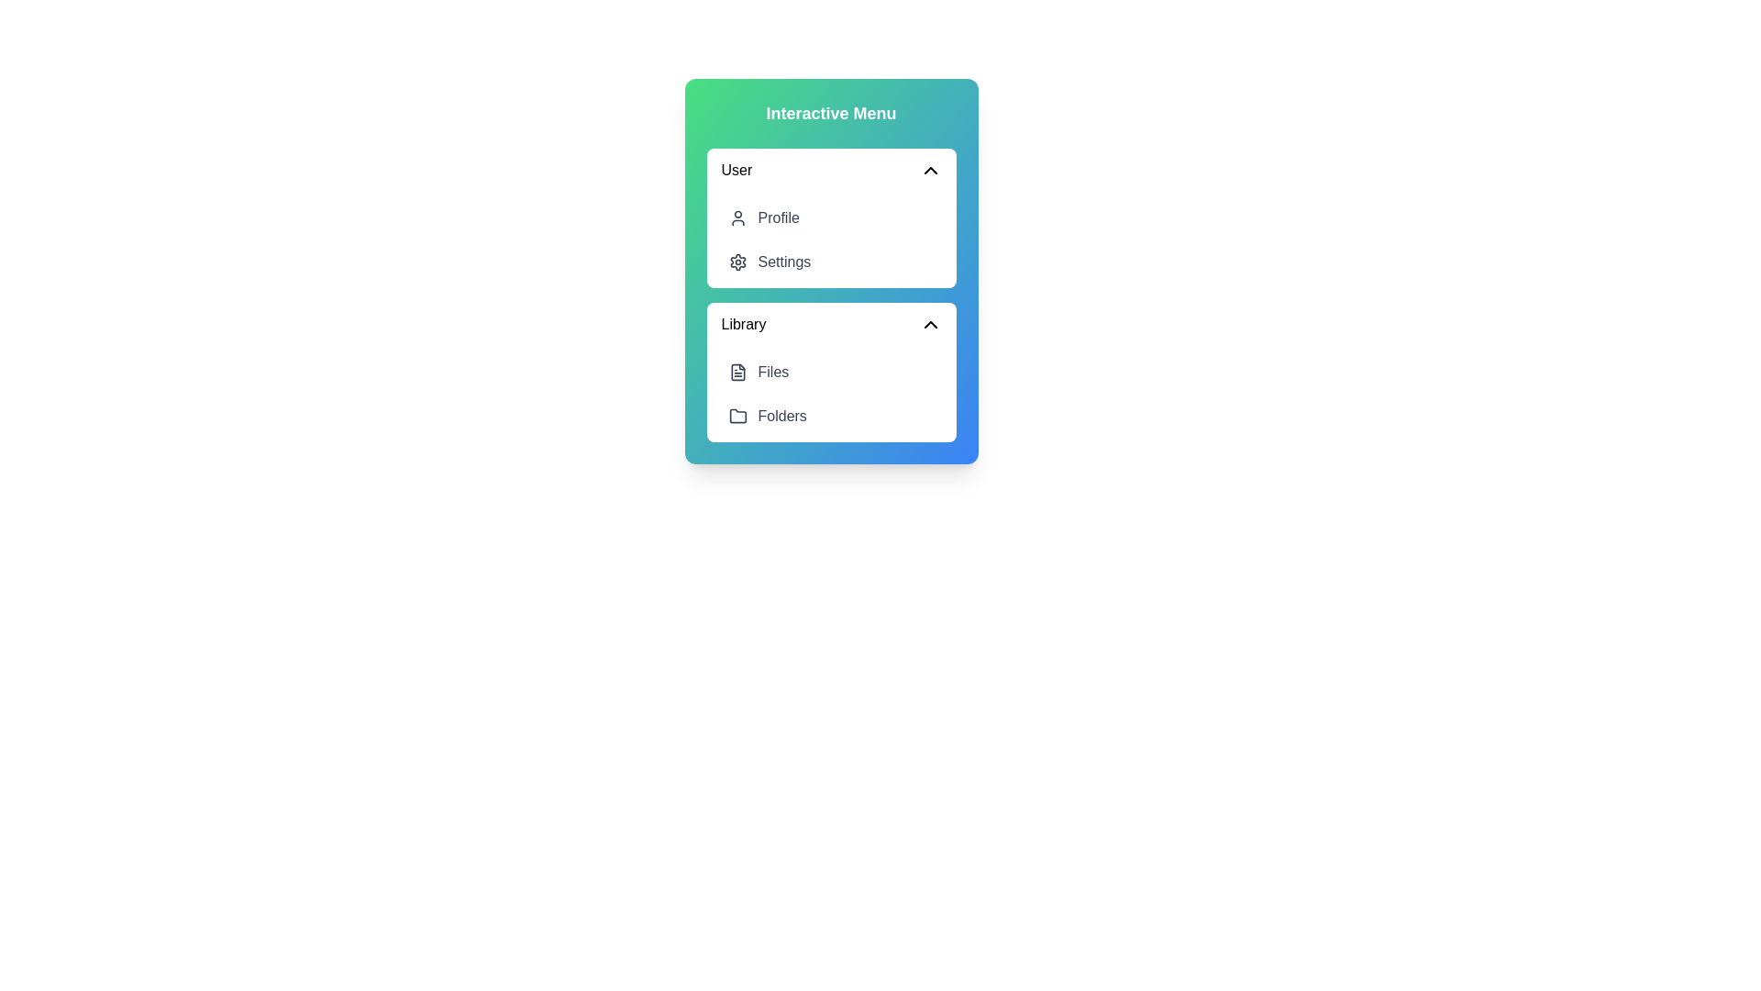 The height and width of the screenshot is (991, 1761). I want to click on the menu item Library to observe its hover style, so click(830, 324).